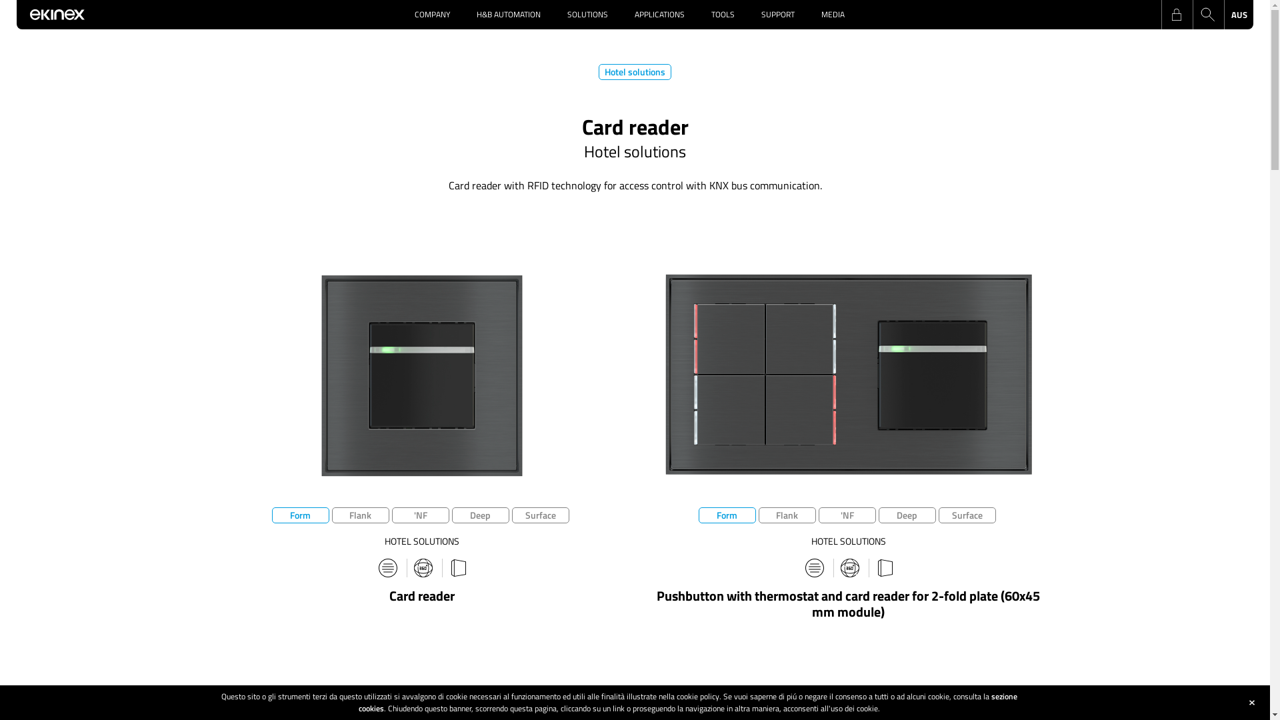 The width and height of the screenshot is (1280, 720). I want to click on 'APPLICATIONS', so click(620, 15).